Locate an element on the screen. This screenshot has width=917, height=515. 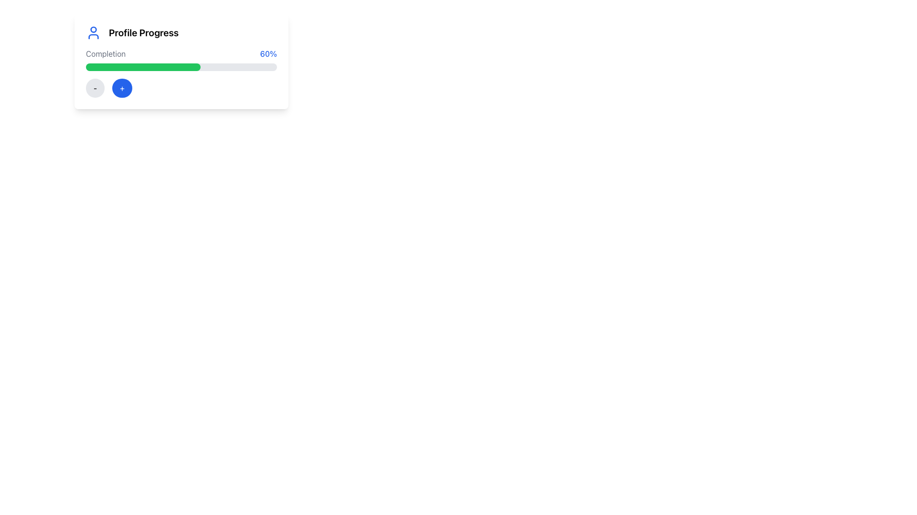
the user icon styled with a blue color and minimalist outline, located to the left of the text 'Profile Progress' is located at coordinates (94, 32).